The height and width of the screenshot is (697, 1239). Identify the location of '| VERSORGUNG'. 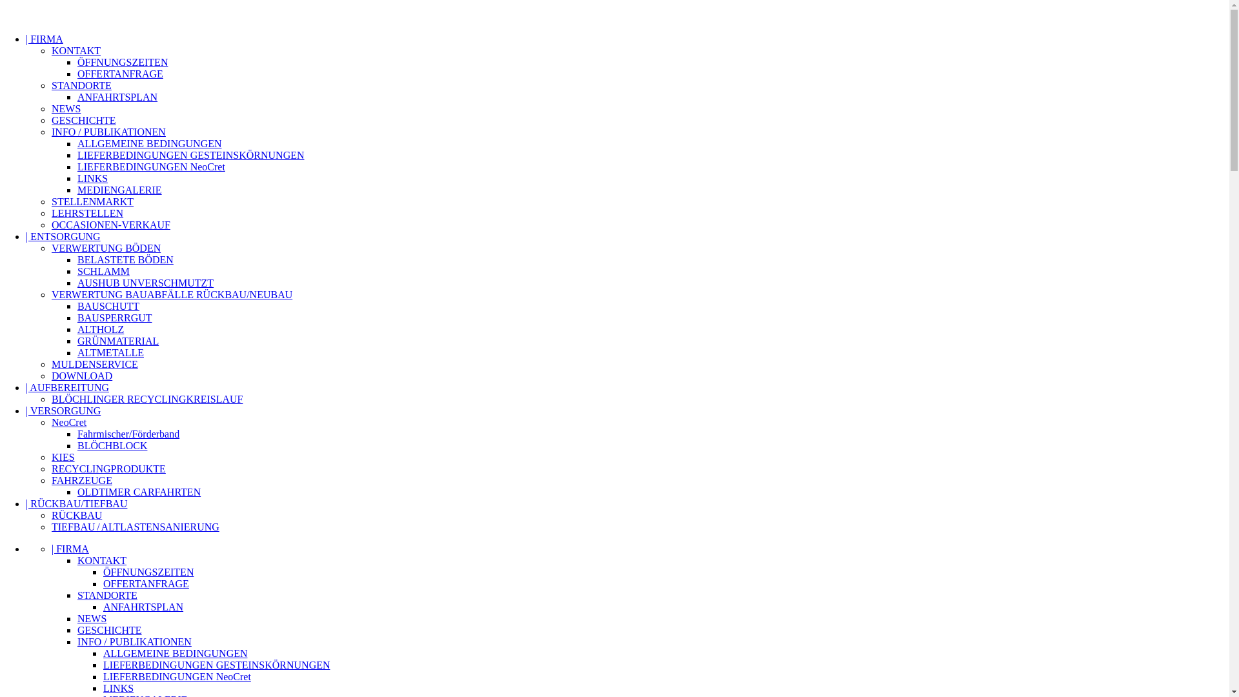
(25, 410).